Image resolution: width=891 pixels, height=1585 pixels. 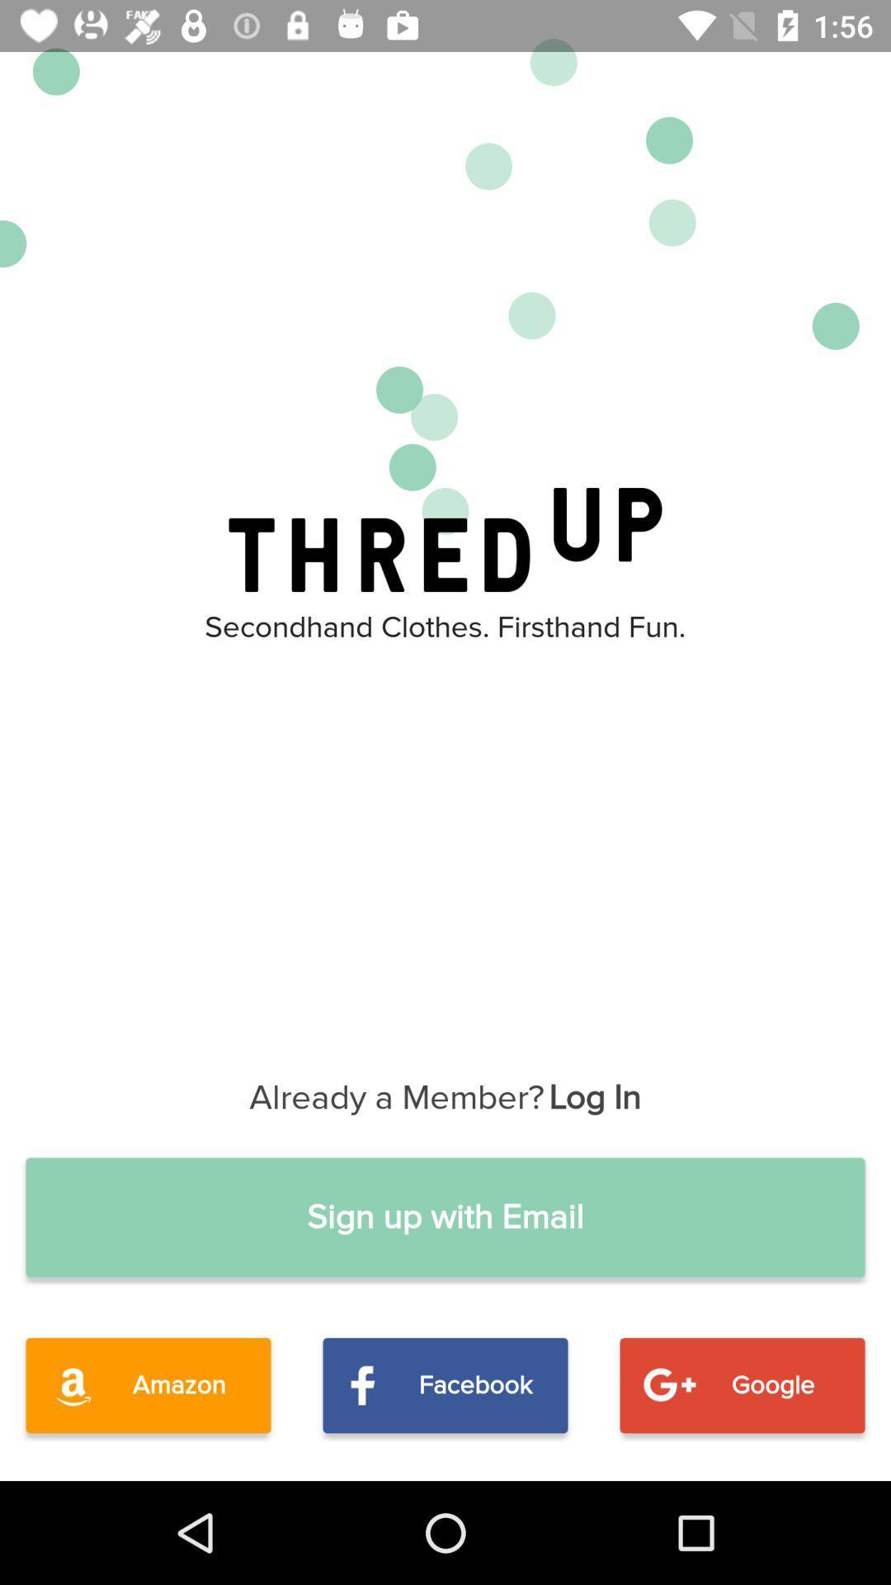 I want to click on the item above the amazon item, so click(x=445, y=1217).